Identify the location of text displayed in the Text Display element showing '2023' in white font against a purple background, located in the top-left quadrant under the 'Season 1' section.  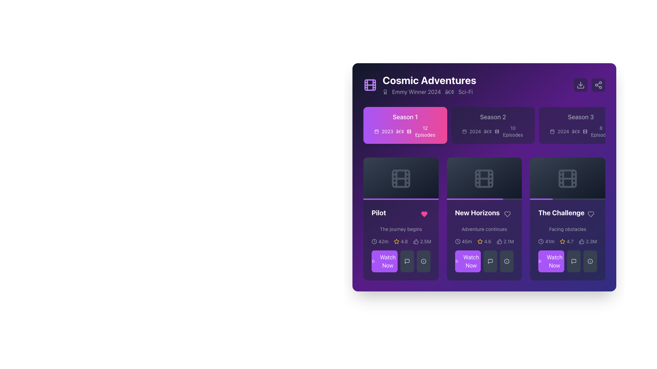
(387, 132).